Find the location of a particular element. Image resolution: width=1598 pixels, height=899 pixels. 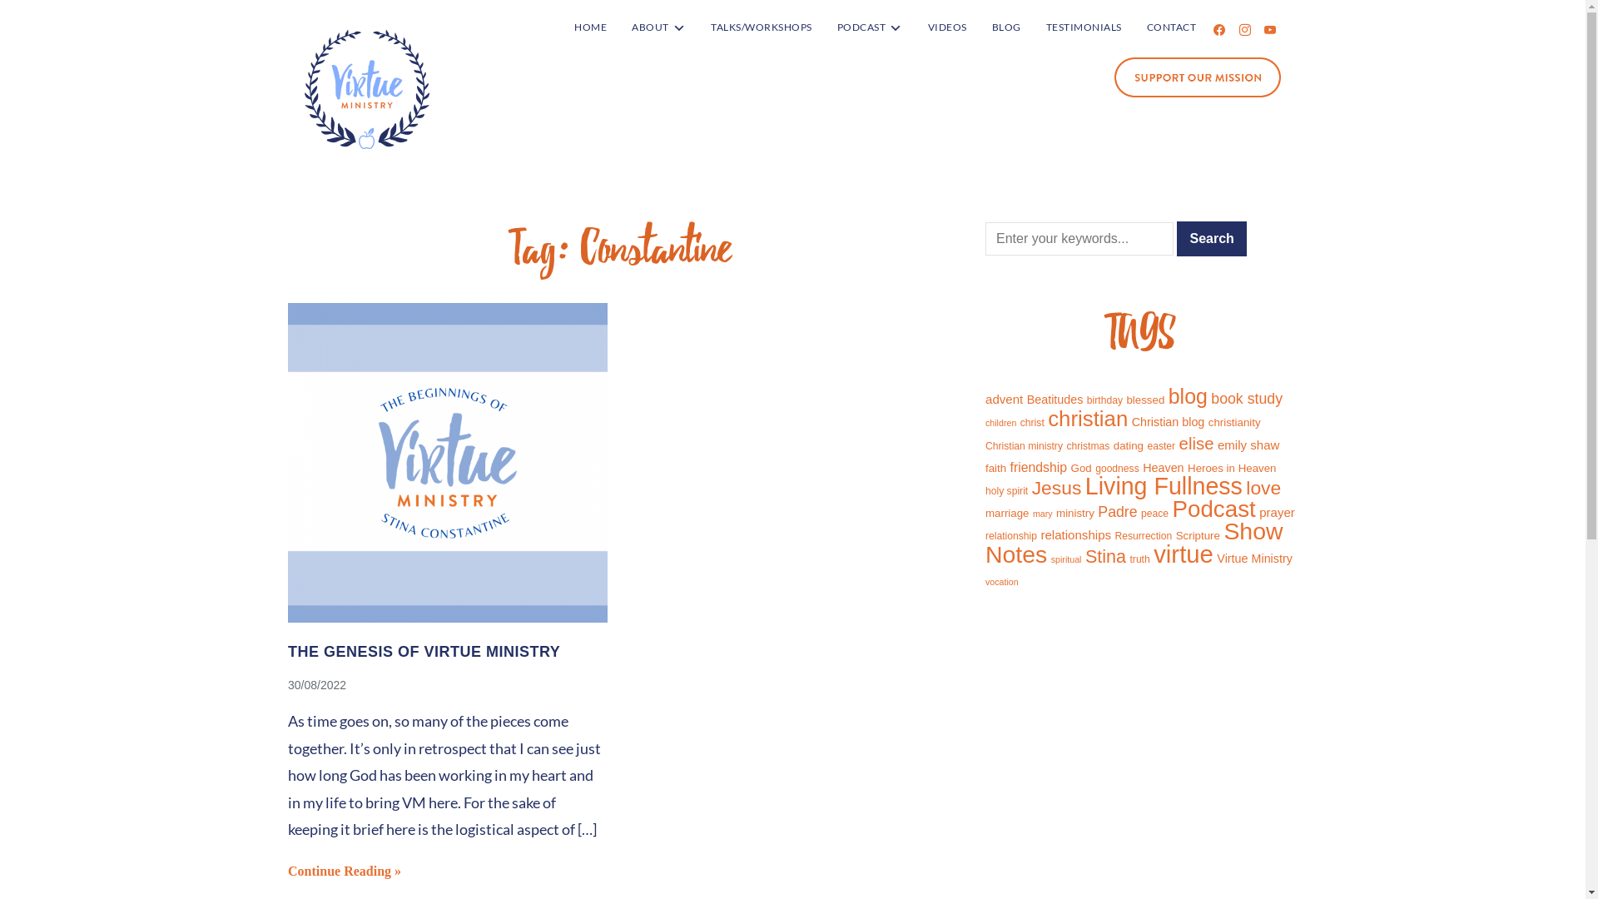

'relationship' is located at coordinates (985, 536).